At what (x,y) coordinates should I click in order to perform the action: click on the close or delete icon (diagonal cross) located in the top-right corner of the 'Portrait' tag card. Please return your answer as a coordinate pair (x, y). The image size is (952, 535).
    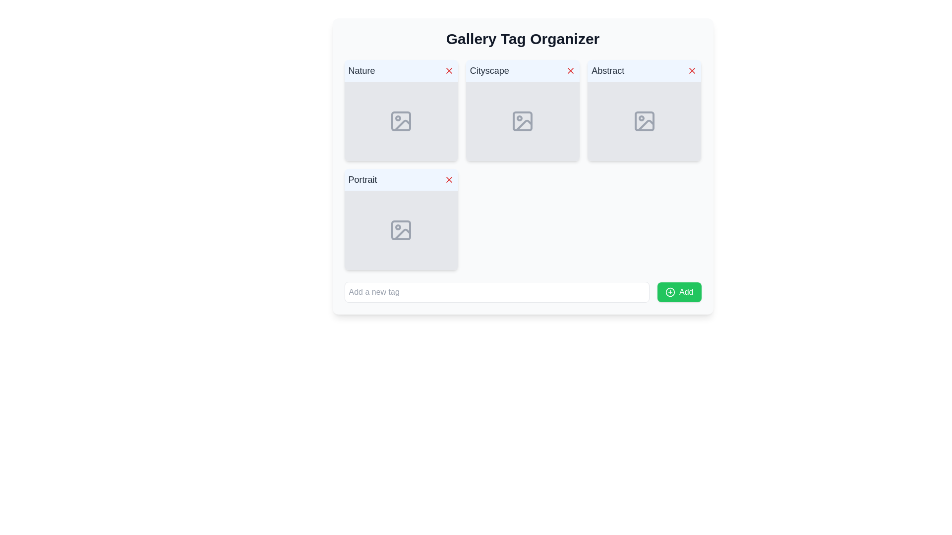
    Looking at the image, I should click on (448, 179).